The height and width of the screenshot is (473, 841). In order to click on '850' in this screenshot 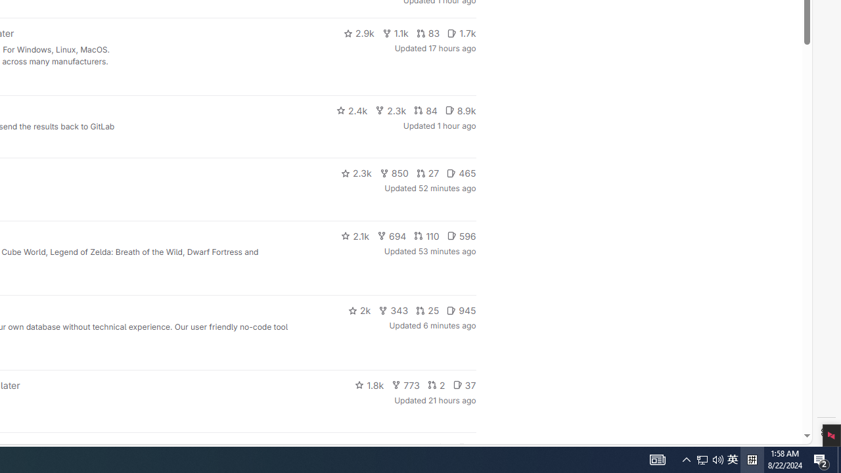, I will do `click(393, 172)`.